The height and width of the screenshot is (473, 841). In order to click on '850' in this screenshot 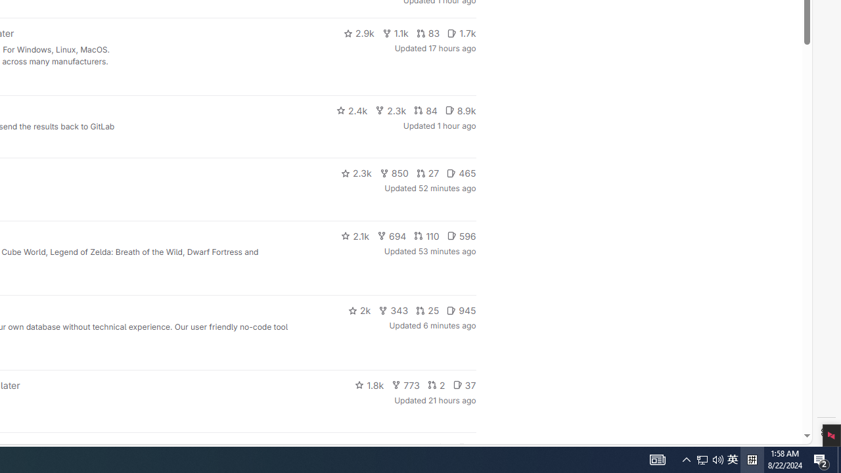, I will do `click(393, 172)`.